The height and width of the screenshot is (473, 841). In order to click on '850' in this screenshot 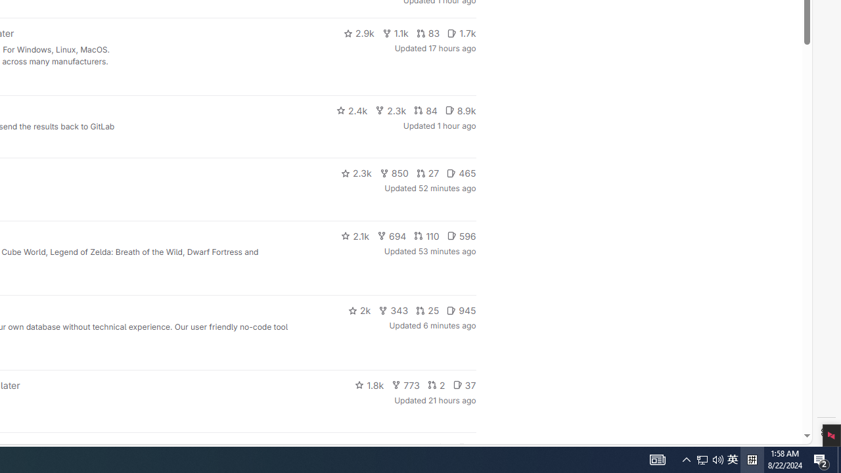, I will do `click(393, 172)`.